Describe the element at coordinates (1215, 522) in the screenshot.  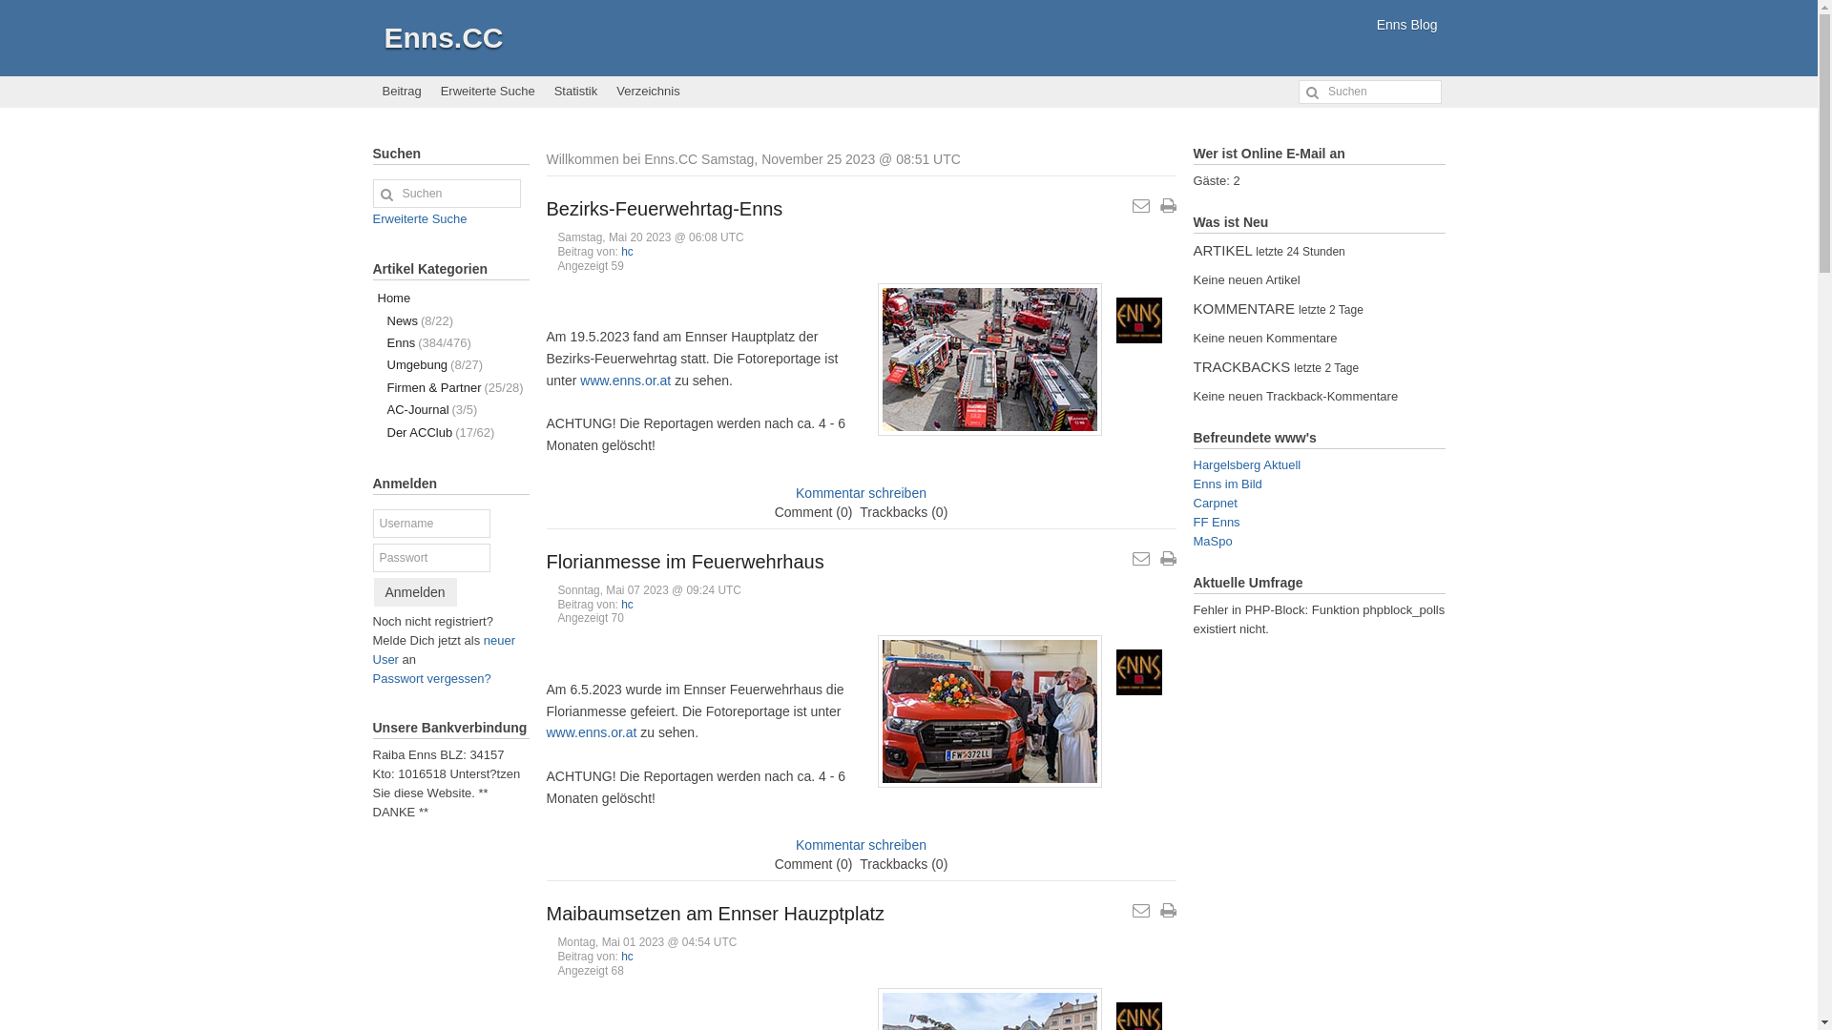
I see `'FF Enns'` at that location.